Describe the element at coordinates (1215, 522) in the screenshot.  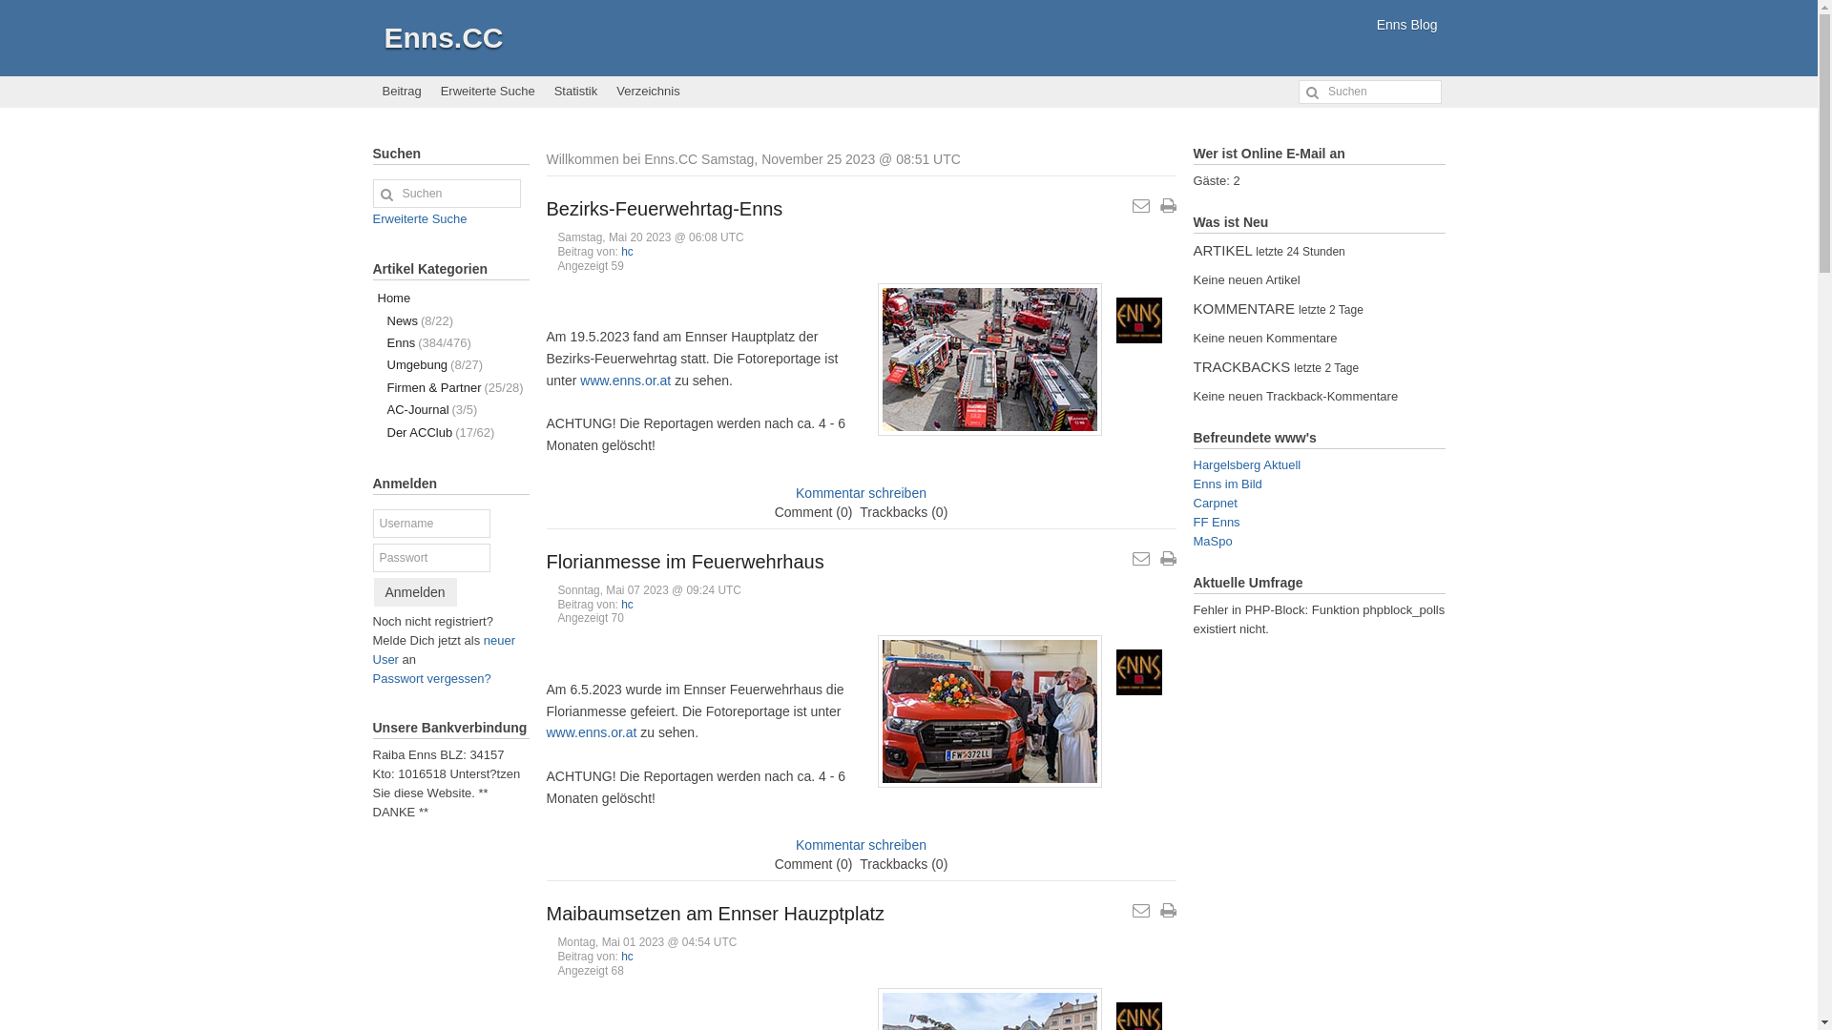
I see `'FF Enns'` at that location.